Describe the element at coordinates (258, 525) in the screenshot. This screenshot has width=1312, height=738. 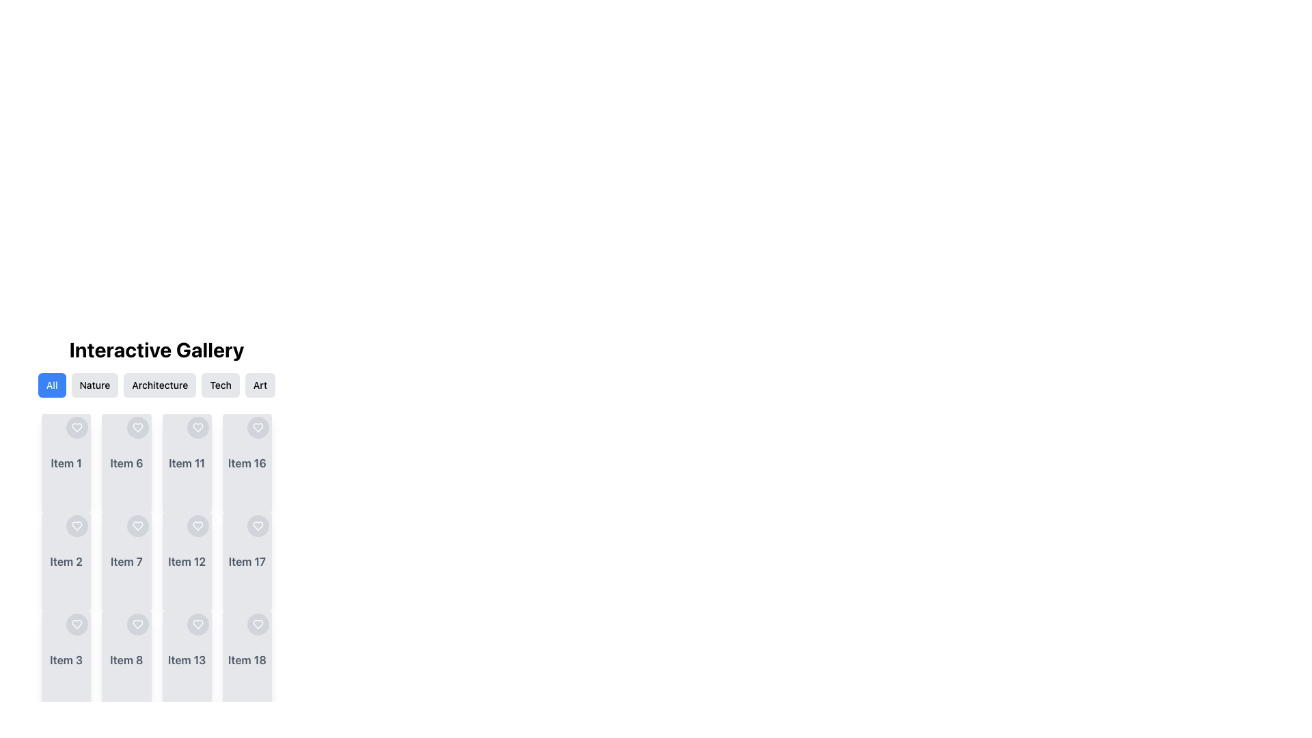
I see `the circular favorite button with a heart icon located at the top-right corner of the card for Item 17 to favorite the item` at that location.